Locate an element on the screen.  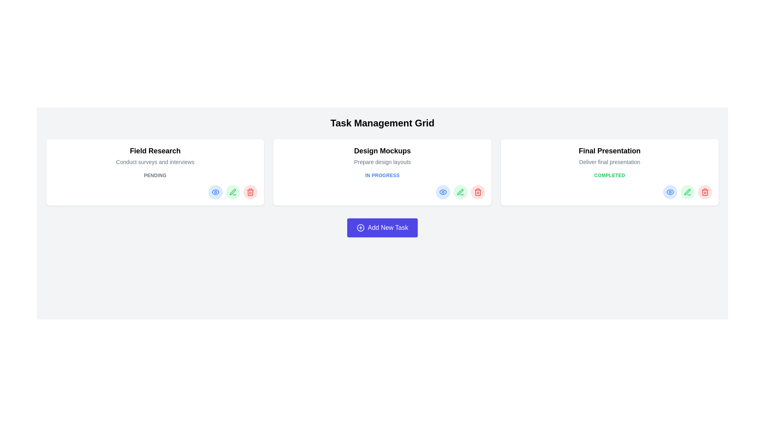
the second button in the row of task card buttons to initiate the editing action for the associated task is located at coordinates (233, 192).